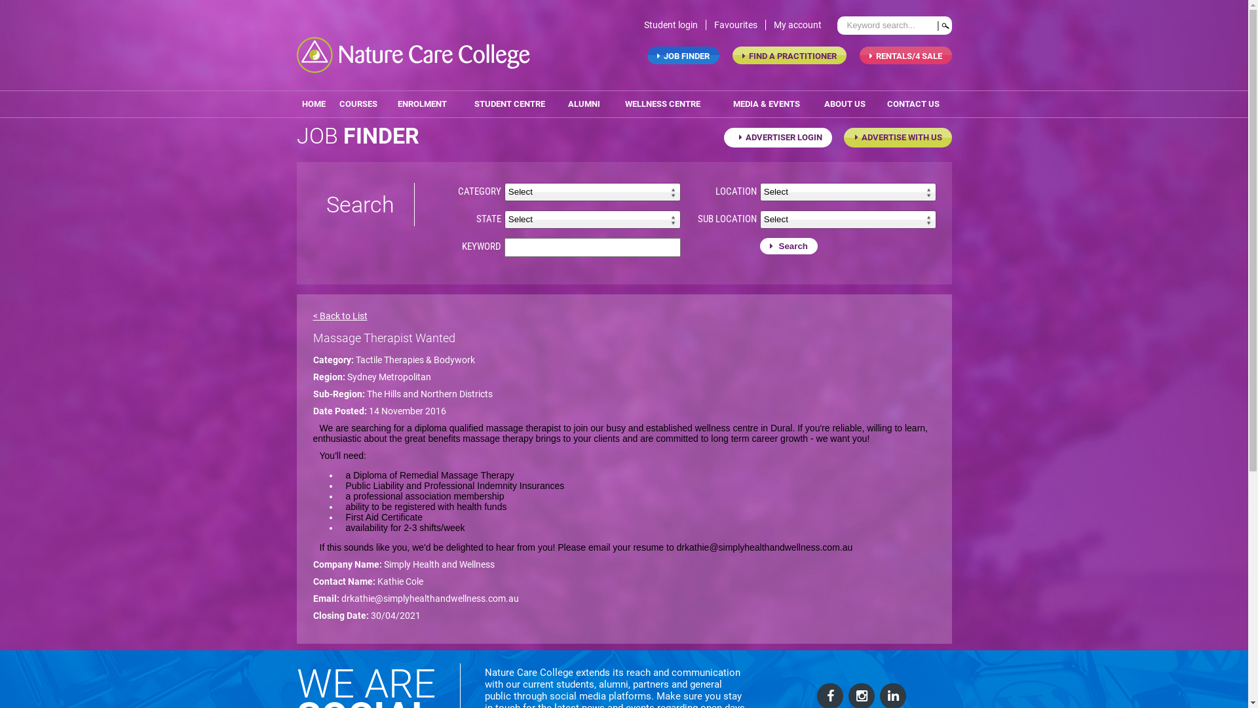 The height and width of the screenshot is (708, 1258). Describe the element at coordinates (845, 103) in the screenshot. I see `'ABOUT US'` at that location.